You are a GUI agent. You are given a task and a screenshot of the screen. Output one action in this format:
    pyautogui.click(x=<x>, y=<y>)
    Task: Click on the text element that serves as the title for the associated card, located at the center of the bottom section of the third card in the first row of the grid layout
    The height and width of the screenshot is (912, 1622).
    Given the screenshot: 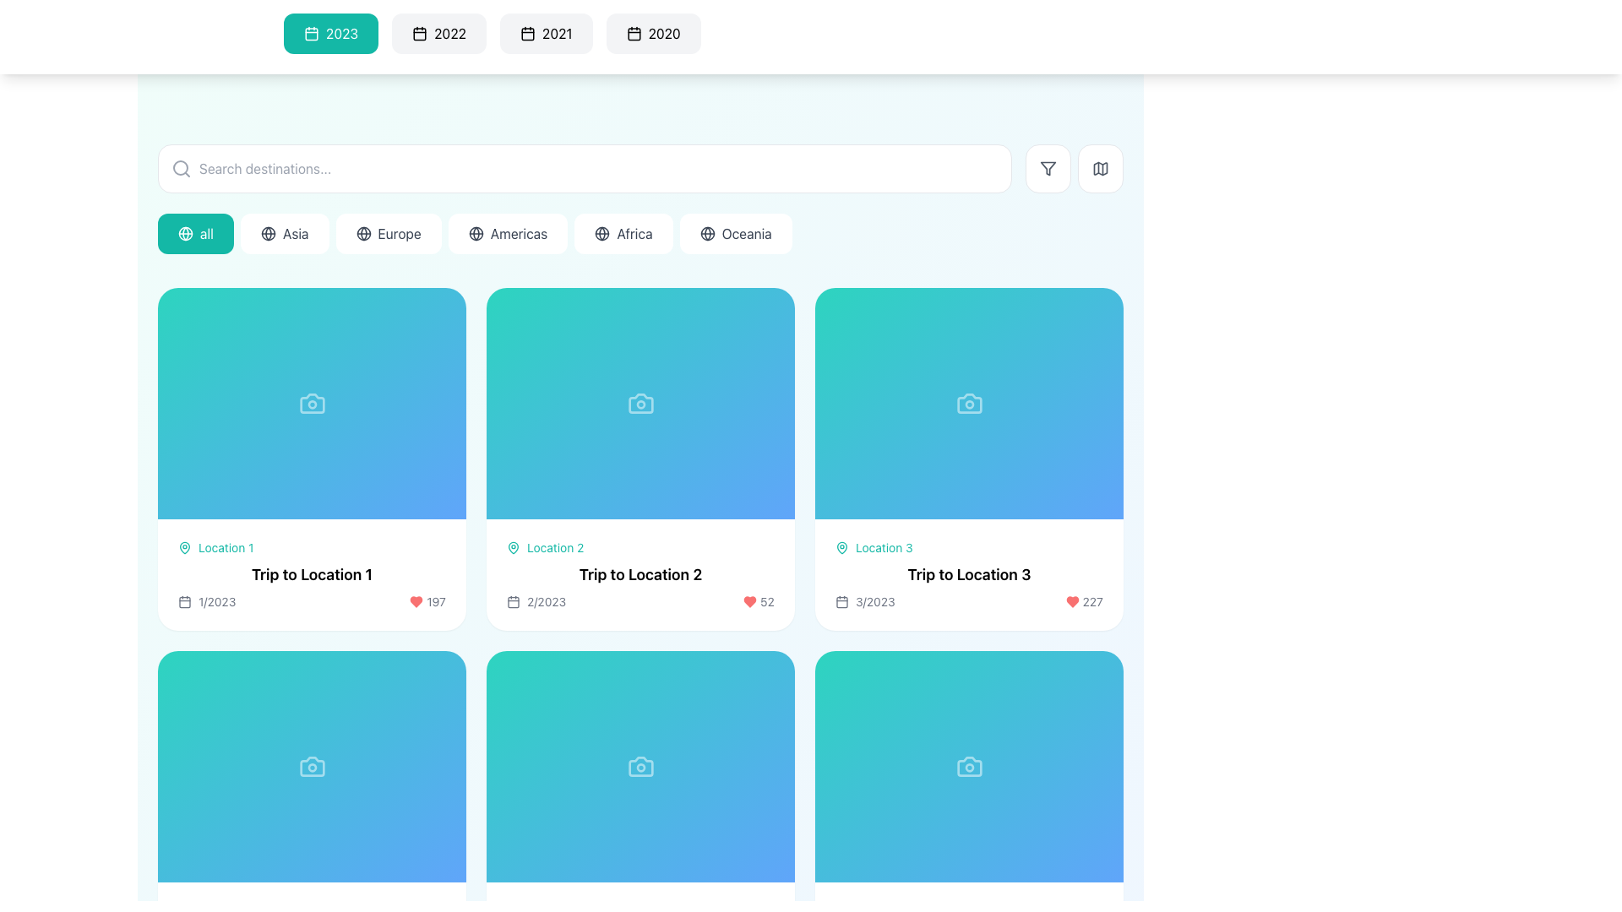 What is the action you would take?
    pyautogui.click(x=969, y=573)
    